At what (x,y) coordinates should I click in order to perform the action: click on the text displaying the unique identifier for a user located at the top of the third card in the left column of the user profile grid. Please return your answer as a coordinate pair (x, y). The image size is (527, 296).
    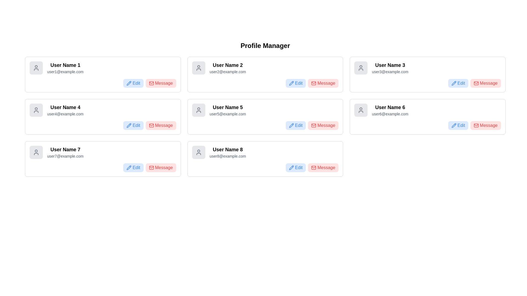
    Looking at the image, I should click on (65, 150).